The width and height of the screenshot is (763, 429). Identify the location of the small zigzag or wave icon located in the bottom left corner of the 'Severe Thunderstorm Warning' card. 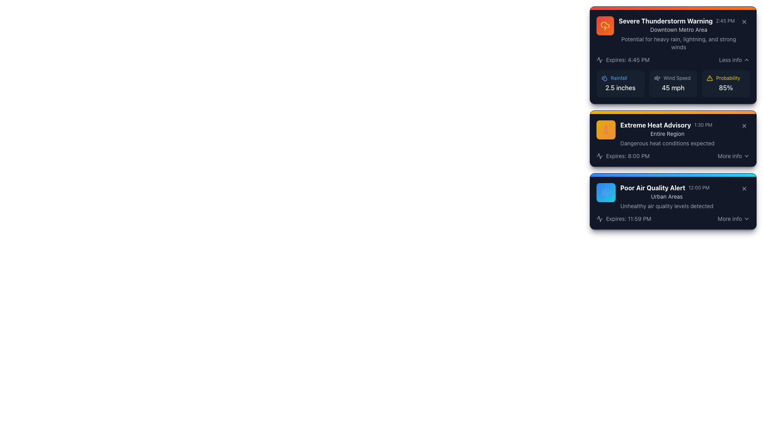
(599, 156).